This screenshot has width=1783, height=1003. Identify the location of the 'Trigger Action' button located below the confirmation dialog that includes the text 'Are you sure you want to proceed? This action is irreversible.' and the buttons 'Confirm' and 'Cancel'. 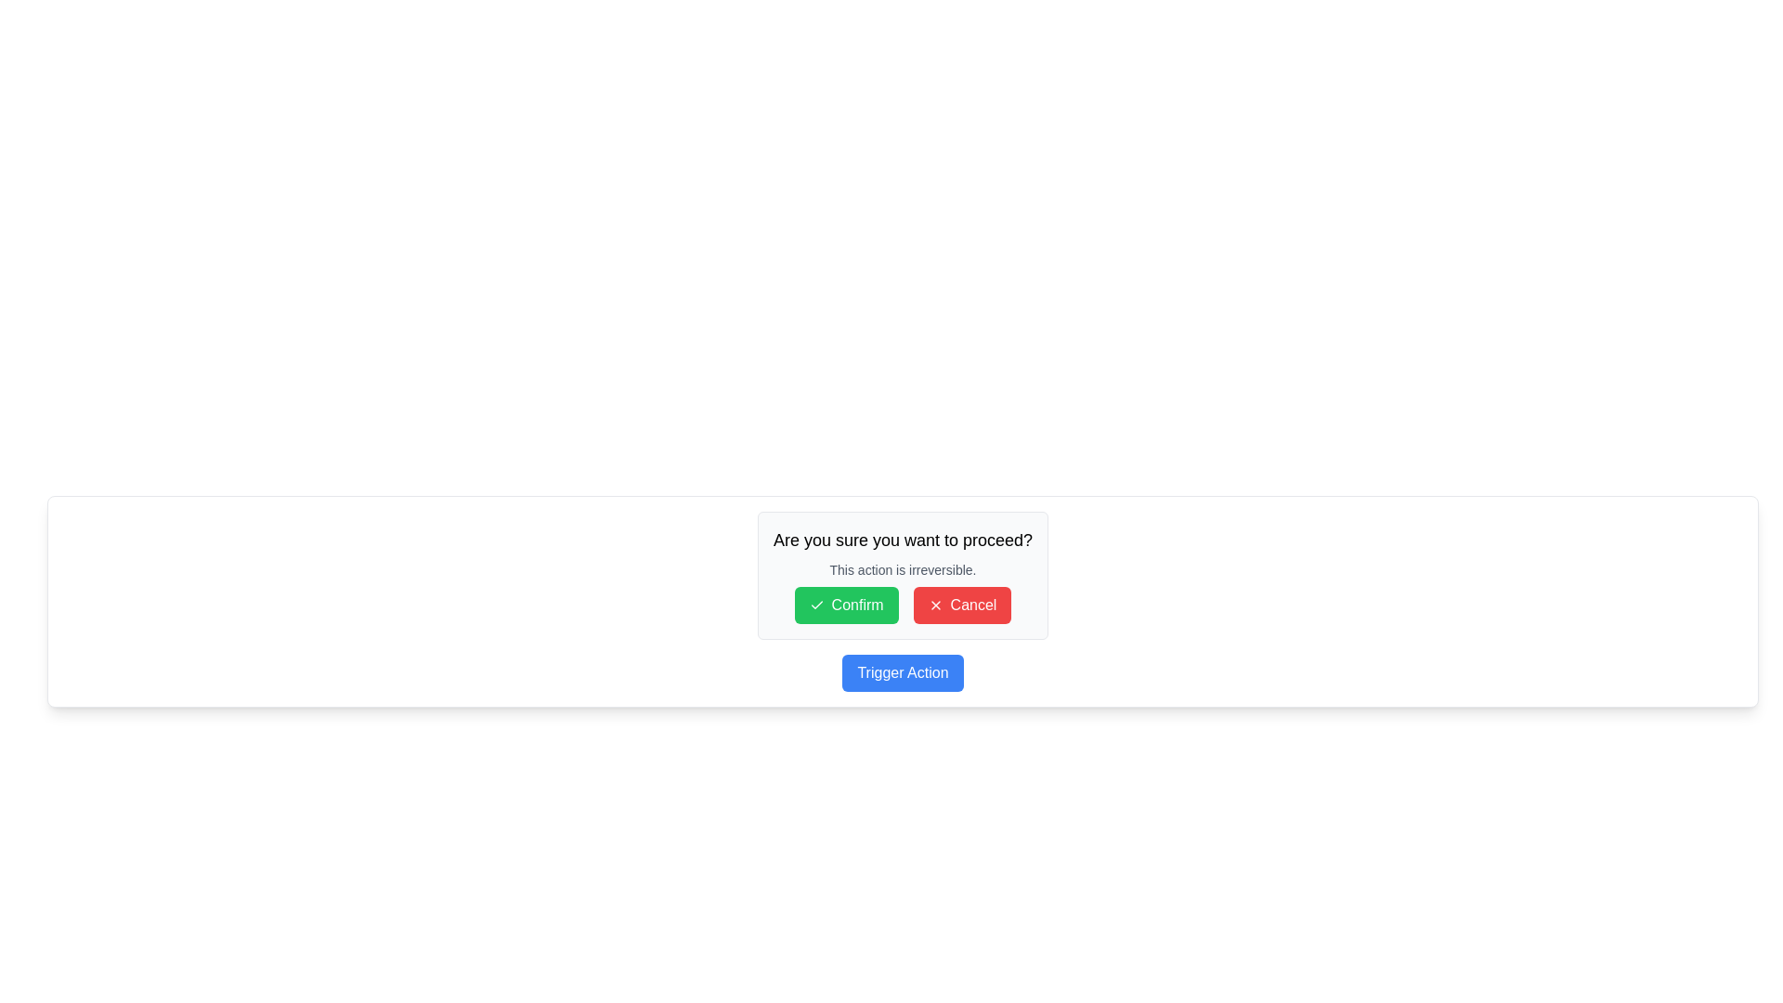
(903, 673).